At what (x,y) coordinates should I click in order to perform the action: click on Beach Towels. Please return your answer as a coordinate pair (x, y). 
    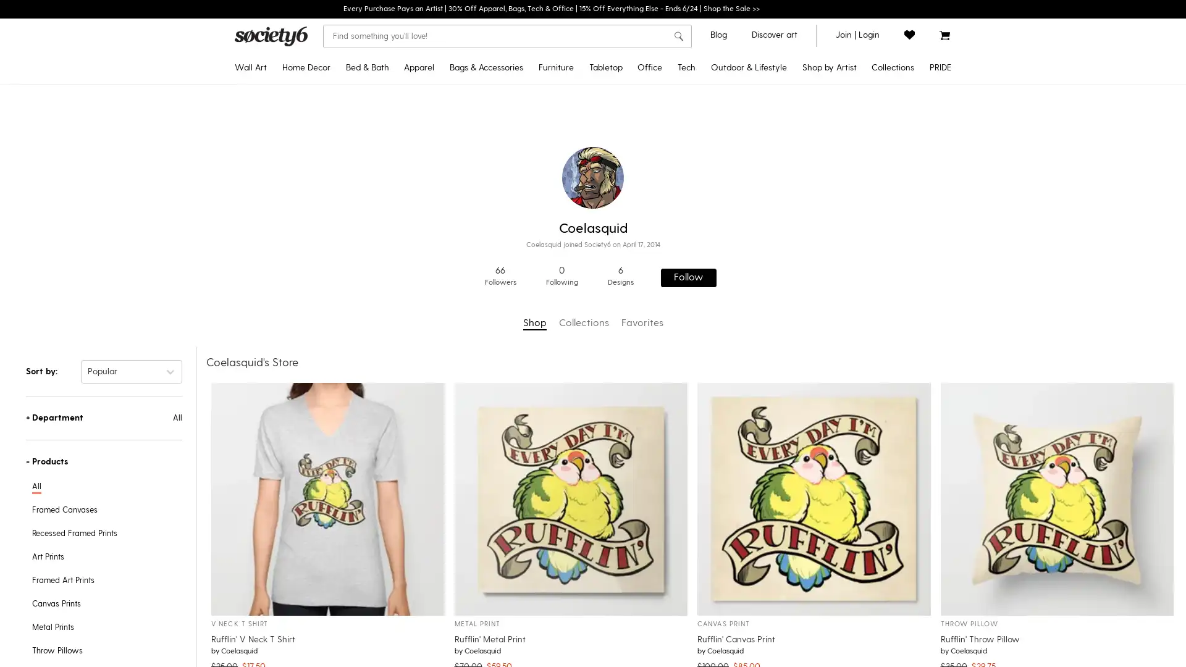
    Looking at the image, I should click on (765, 279).